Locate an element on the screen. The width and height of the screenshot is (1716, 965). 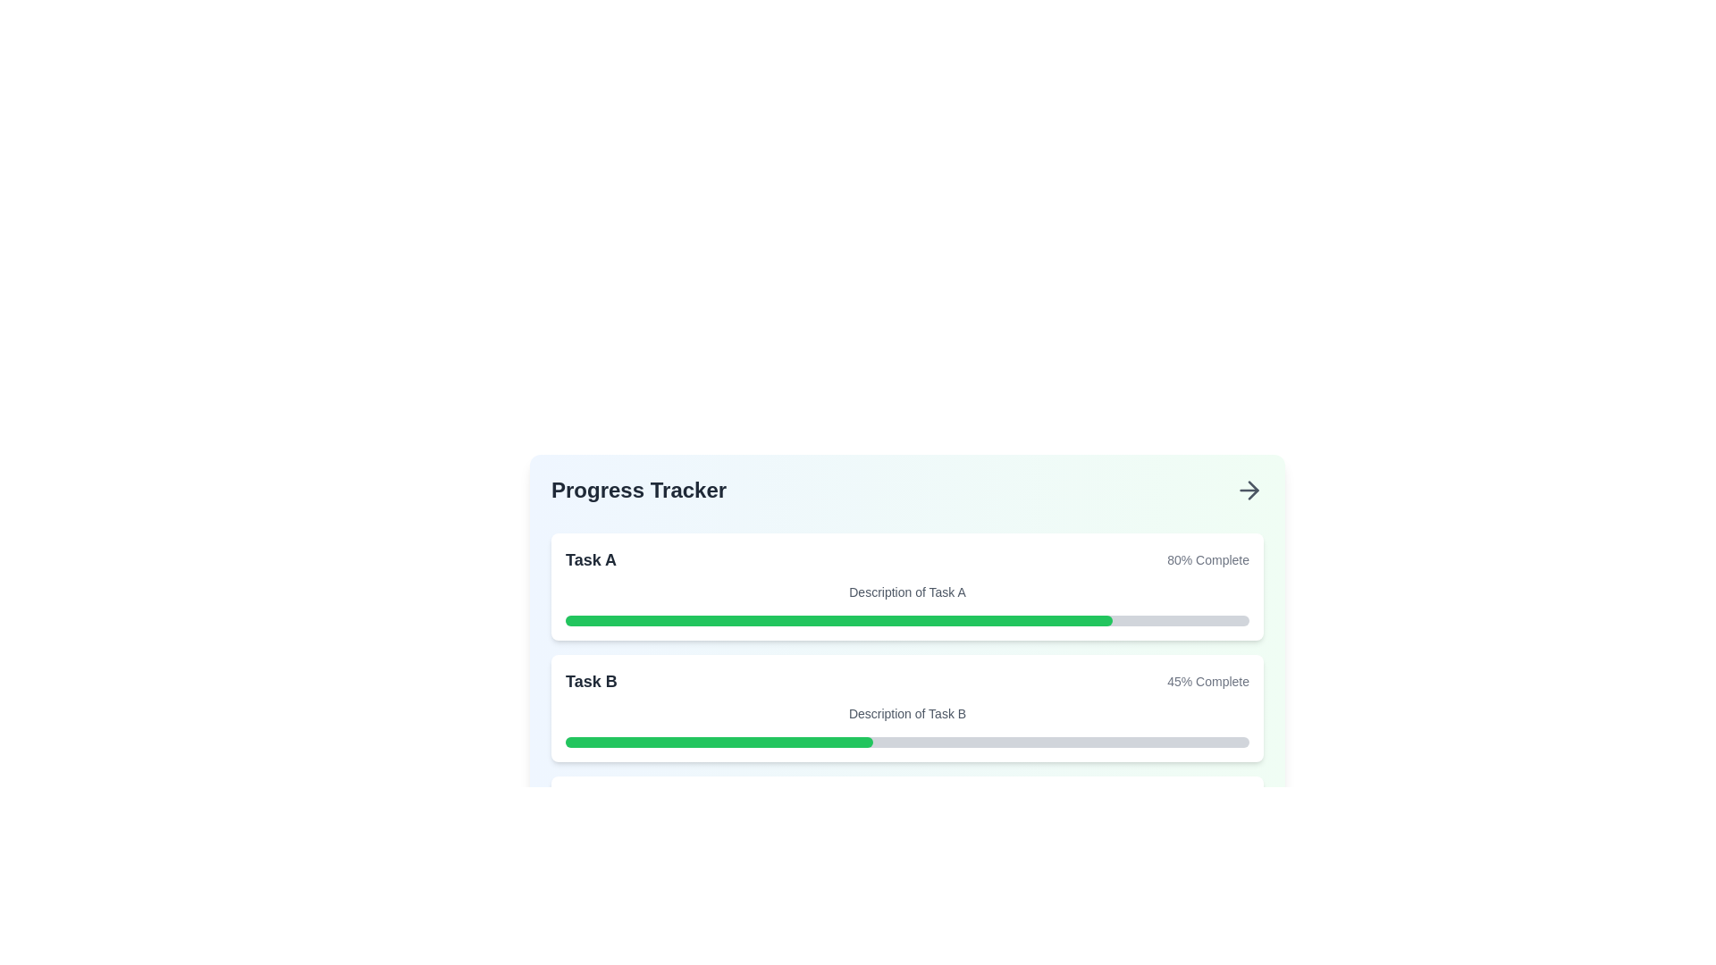
title text for the 'Task A' section, which is positioned at the top-left corner of the 'Progress Tracker' section is located at coordinates (591, 559).